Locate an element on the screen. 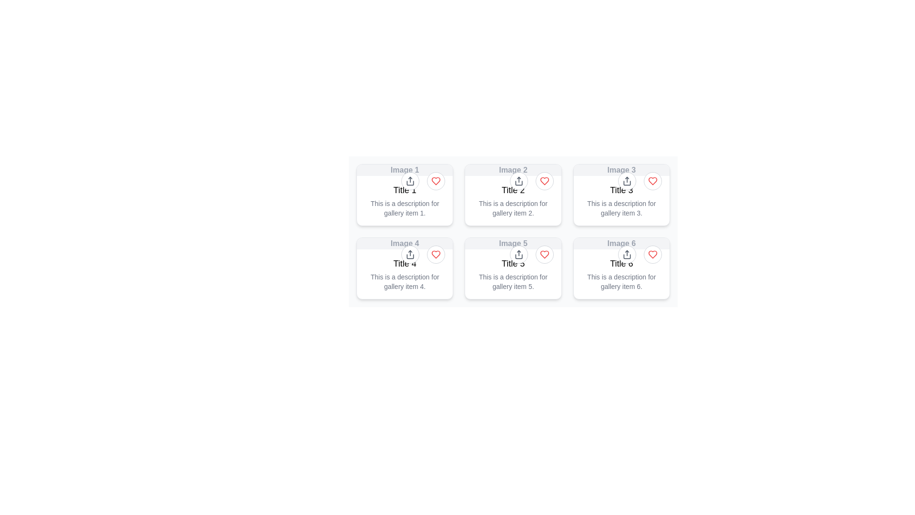 The image size is (915, 515). the text label displaying 'Image 6' is located at coordinates (621, 243).